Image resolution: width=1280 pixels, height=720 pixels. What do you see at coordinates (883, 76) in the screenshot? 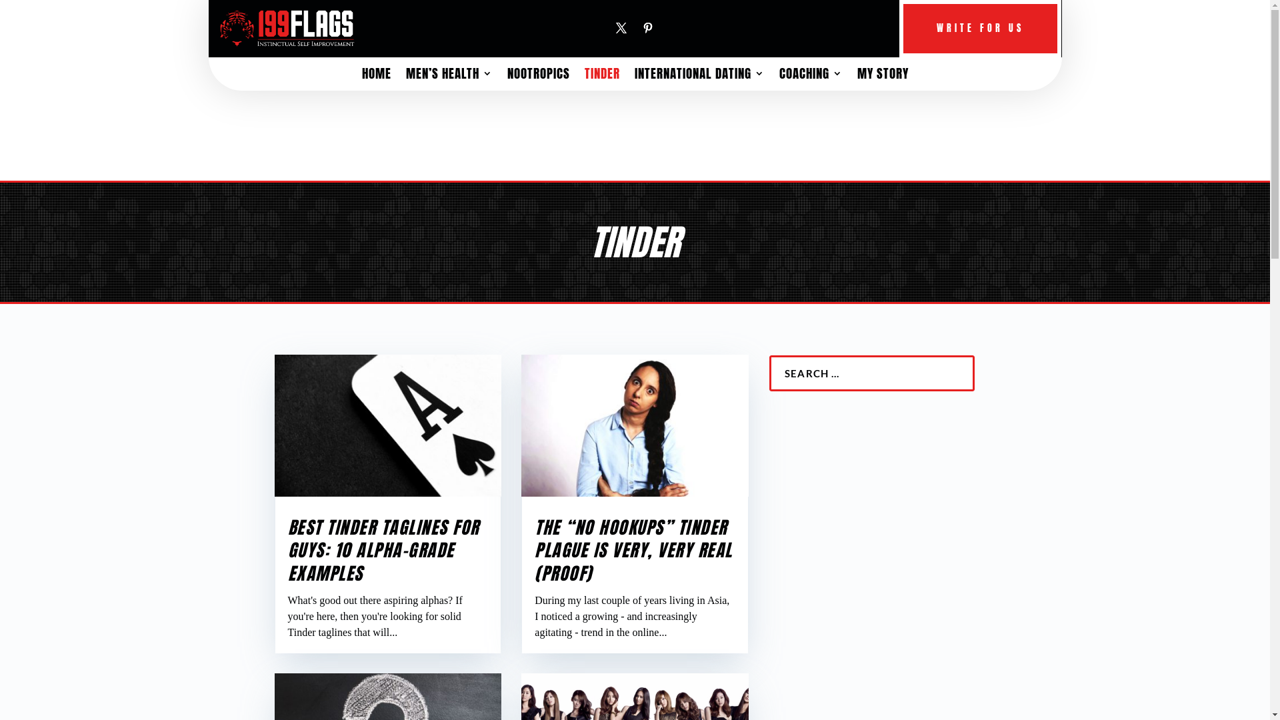
I see `'MY STORY'` at bounding box center [883, 76].